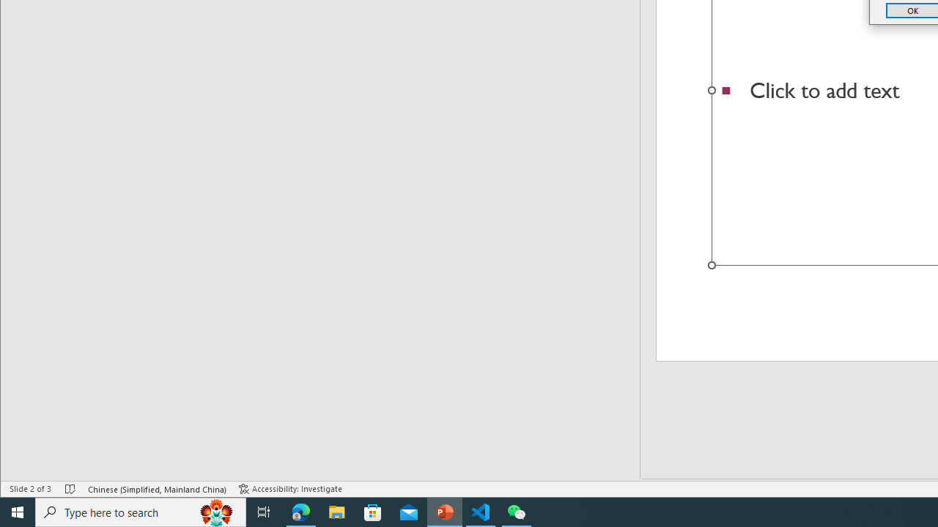 The height and width of the screenshot is (527, 938). What do you see at coordinates (336, 511) in the screenshot?
I see `'File Explorer'` at bounding box center [336, 511].